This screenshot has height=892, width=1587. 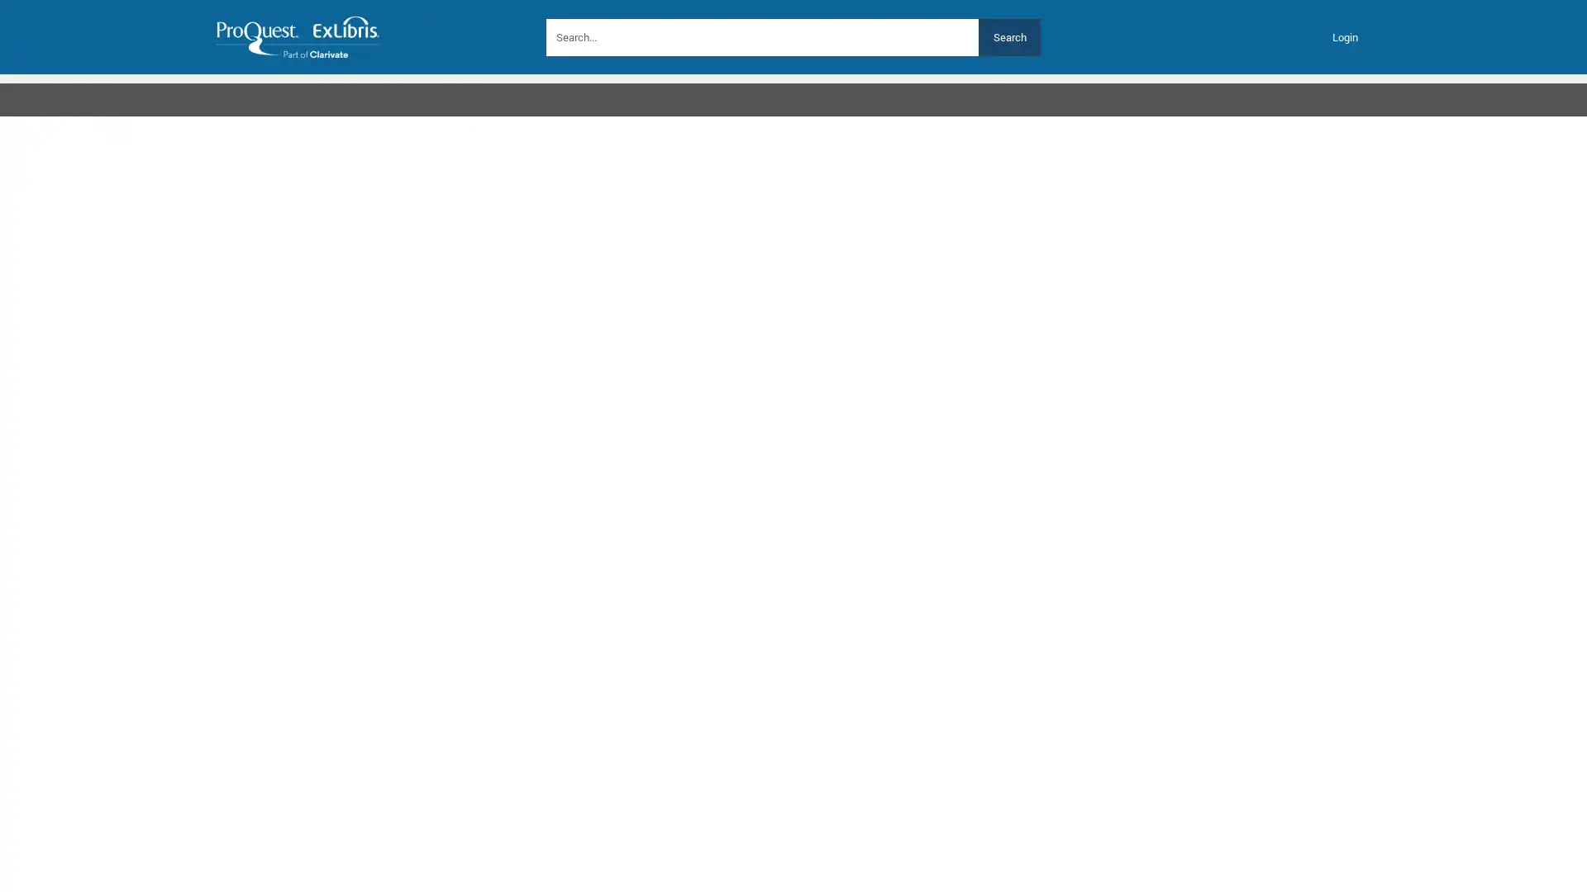 I want to click on Platform Status, so click(x=611, y=94).